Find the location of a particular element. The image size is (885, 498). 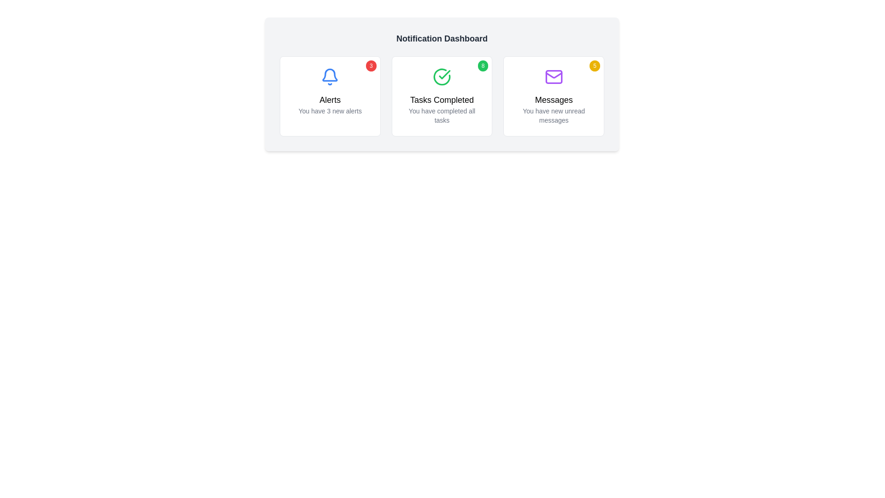

the Decorative Icon indicating unread messages located at the top of the 'Messages' card in the Notification Dashboard is located at coordinates (553, 76).